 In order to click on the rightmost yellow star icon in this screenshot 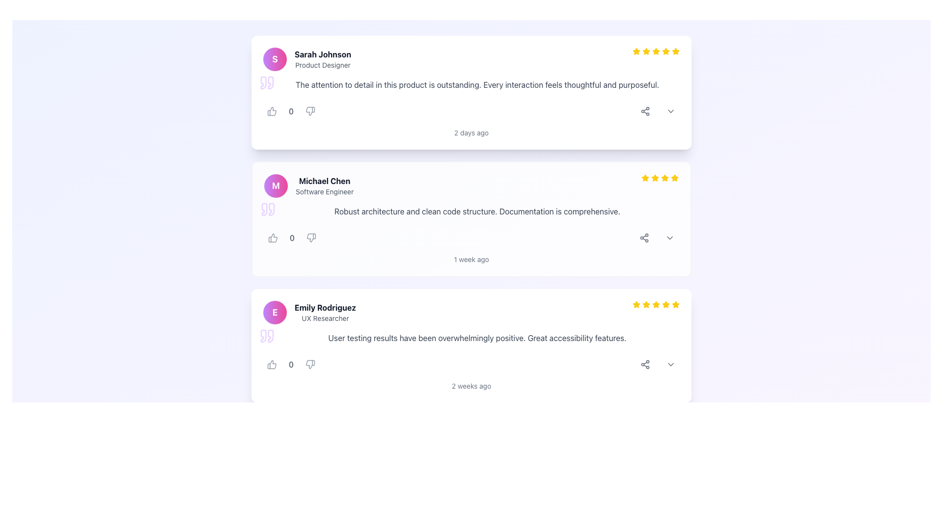, I will do `click(637, 304)`.